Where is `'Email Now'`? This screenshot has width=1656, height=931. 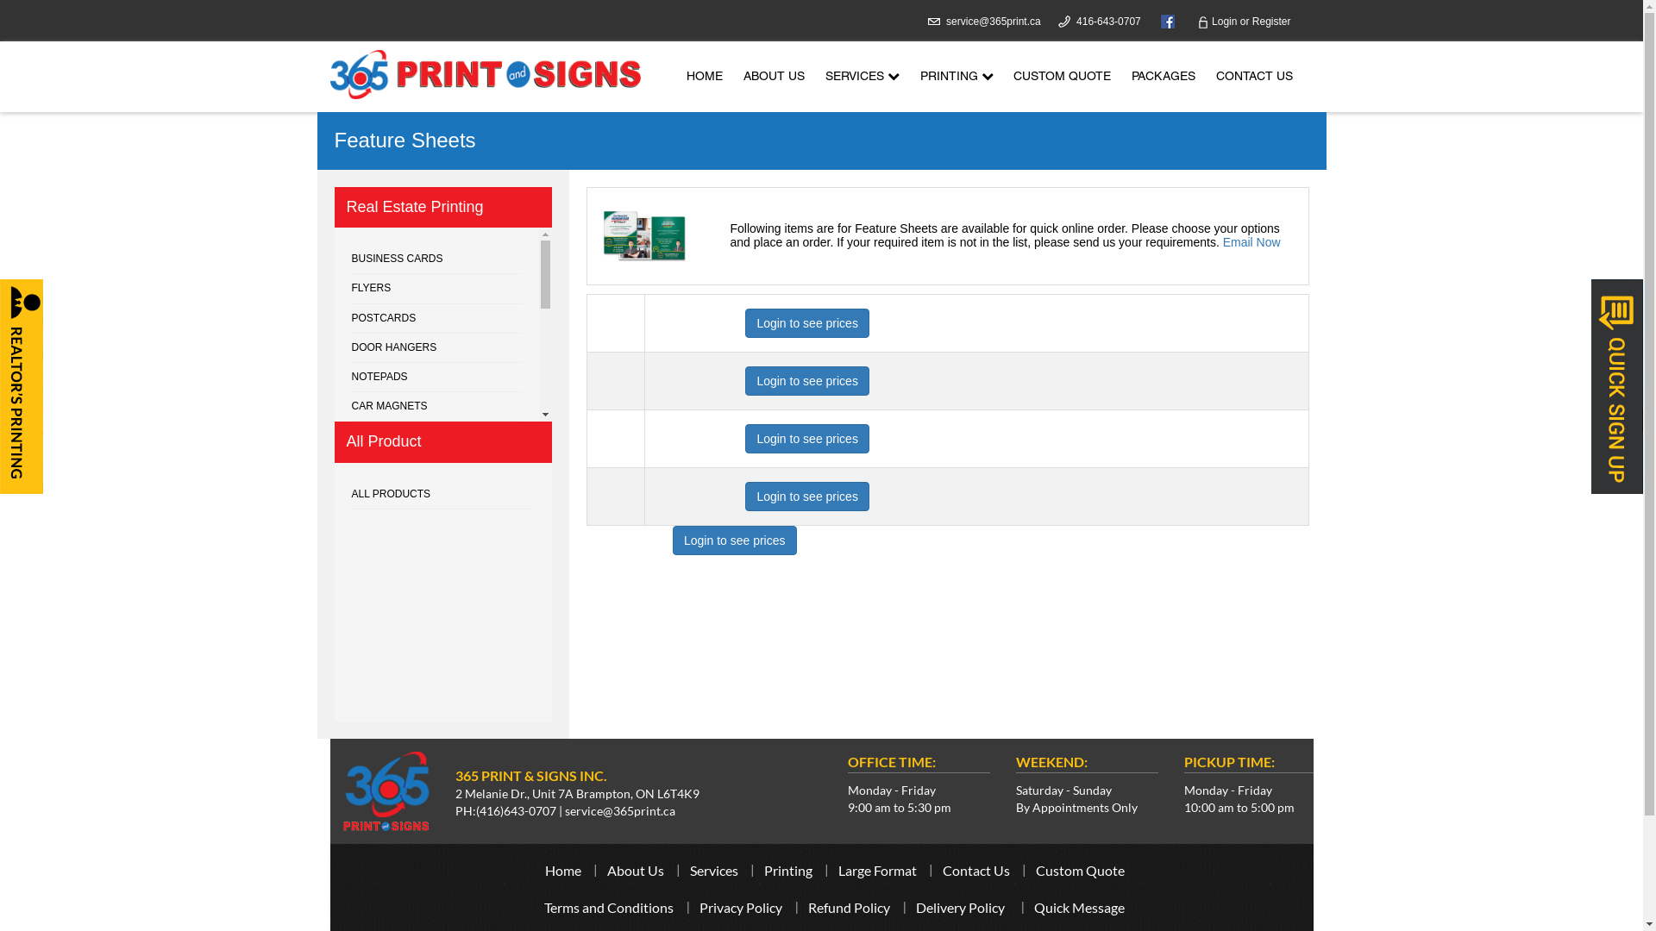 'Email Now' is located at coordinates (1251, 242).